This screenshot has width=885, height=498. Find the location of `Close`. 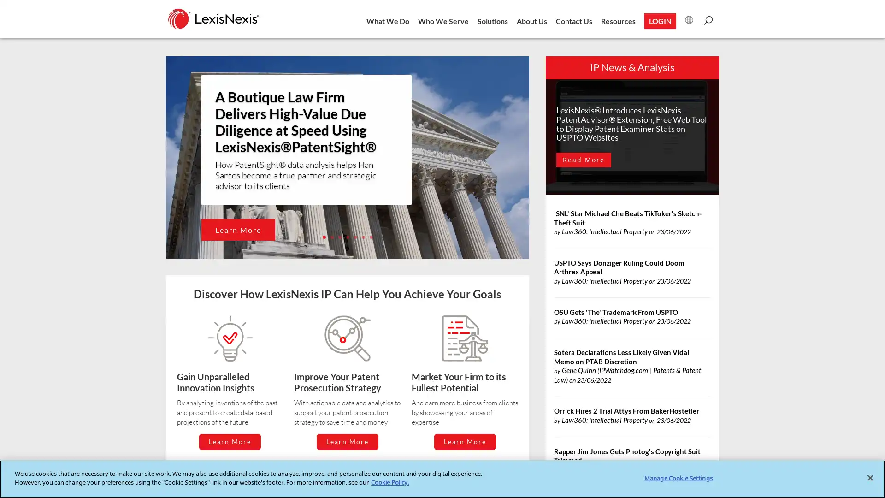

Close is located at coordinates (869, 477).